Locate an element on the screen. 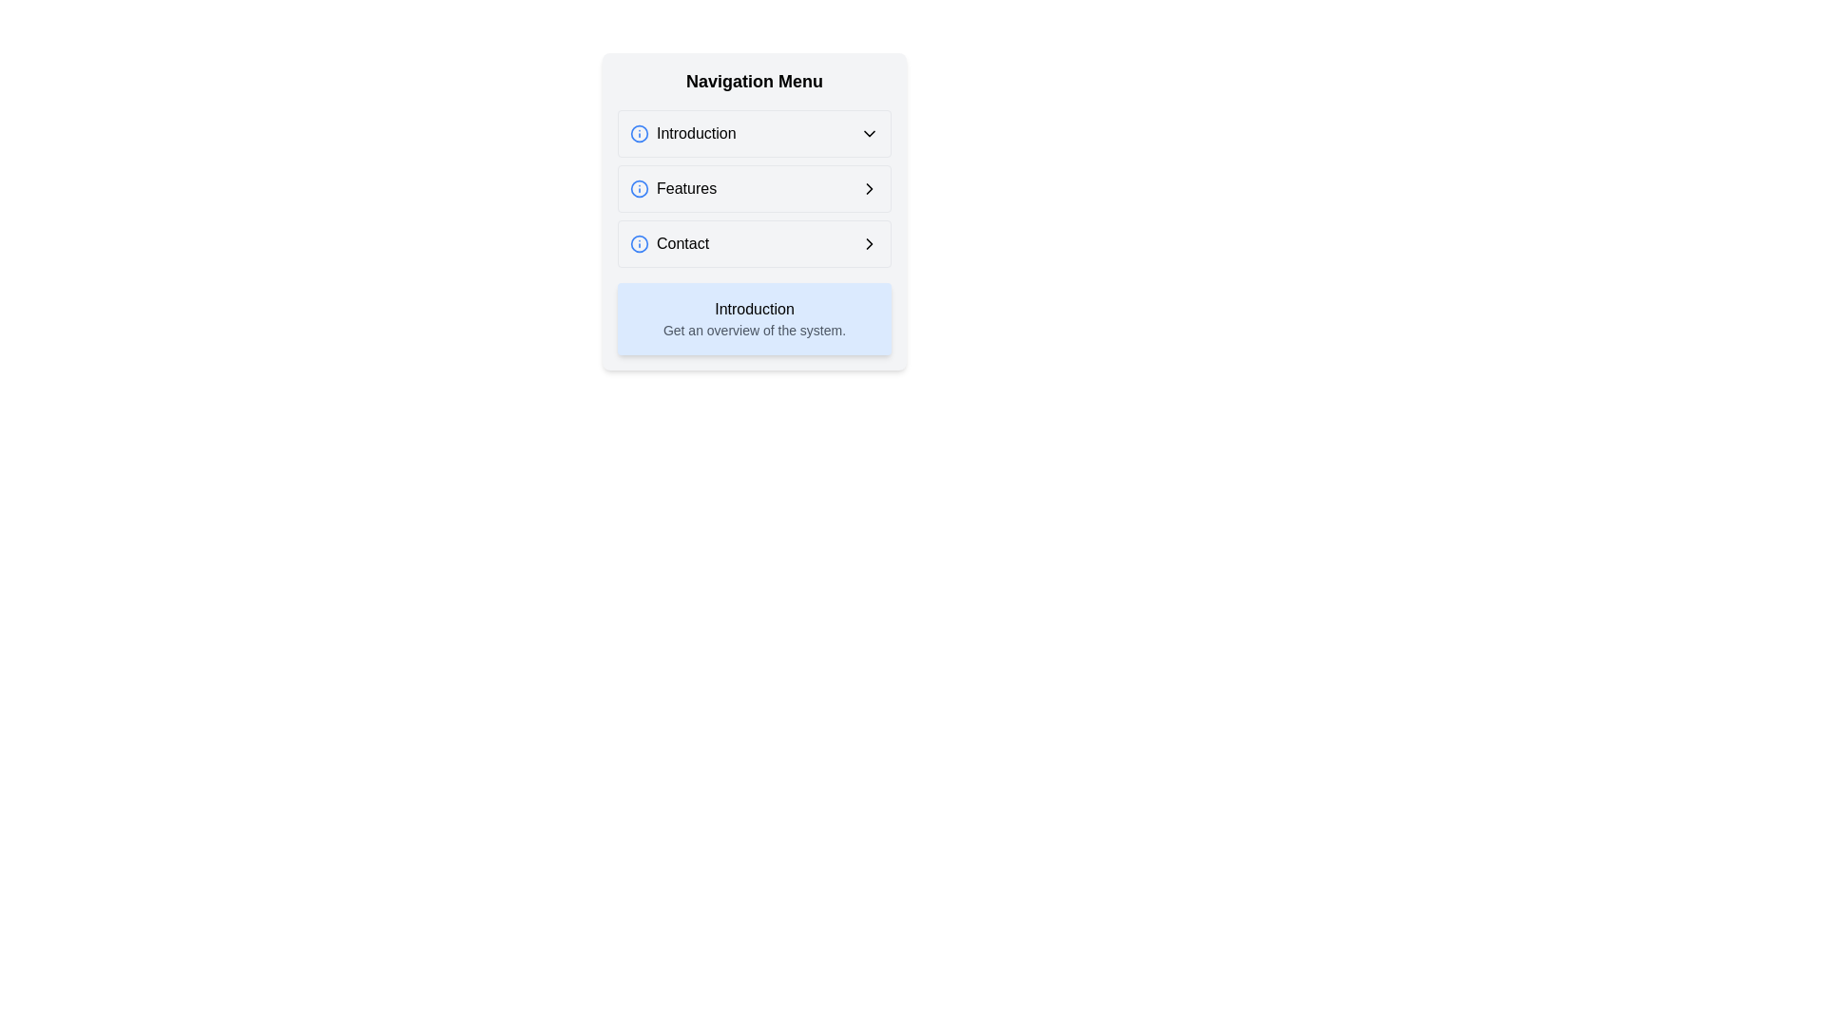 This screenshot has height=1026, width=1825. the 'Features' button, which is the second item in the vertical navigation menu is located at coordinates (753, 189).